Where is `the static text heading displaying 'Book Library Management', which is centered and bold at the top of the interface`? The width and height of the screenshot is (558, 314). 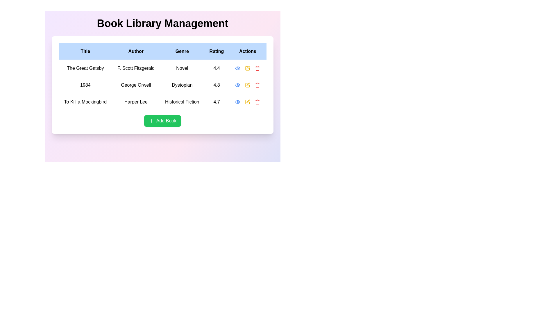
the static text heading displaying 'Book Library Management', which is centered and bold at the top of the interface is located at coordinates (162, 23).